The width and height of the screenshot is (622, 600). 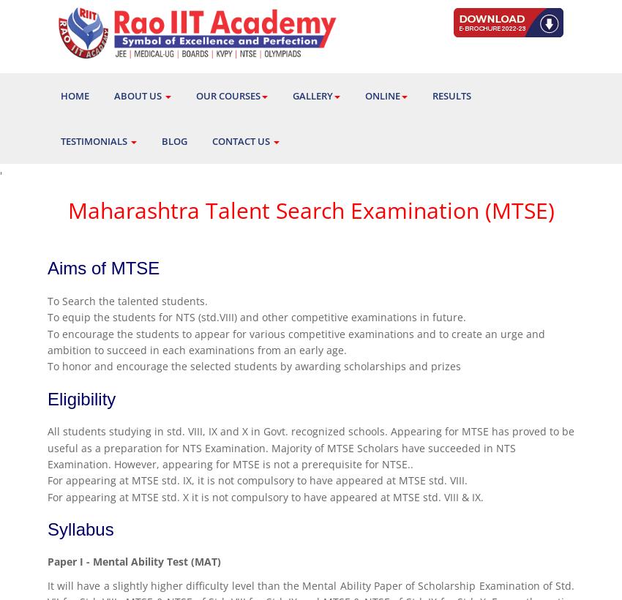 What do you see at coordinates (265, 496) in the screenshot?
I see `'For appearing at MTSE std. X it is not compulsory to have appeared at MTSE std. VIII & IX.'` at bounding box center [265, 496].